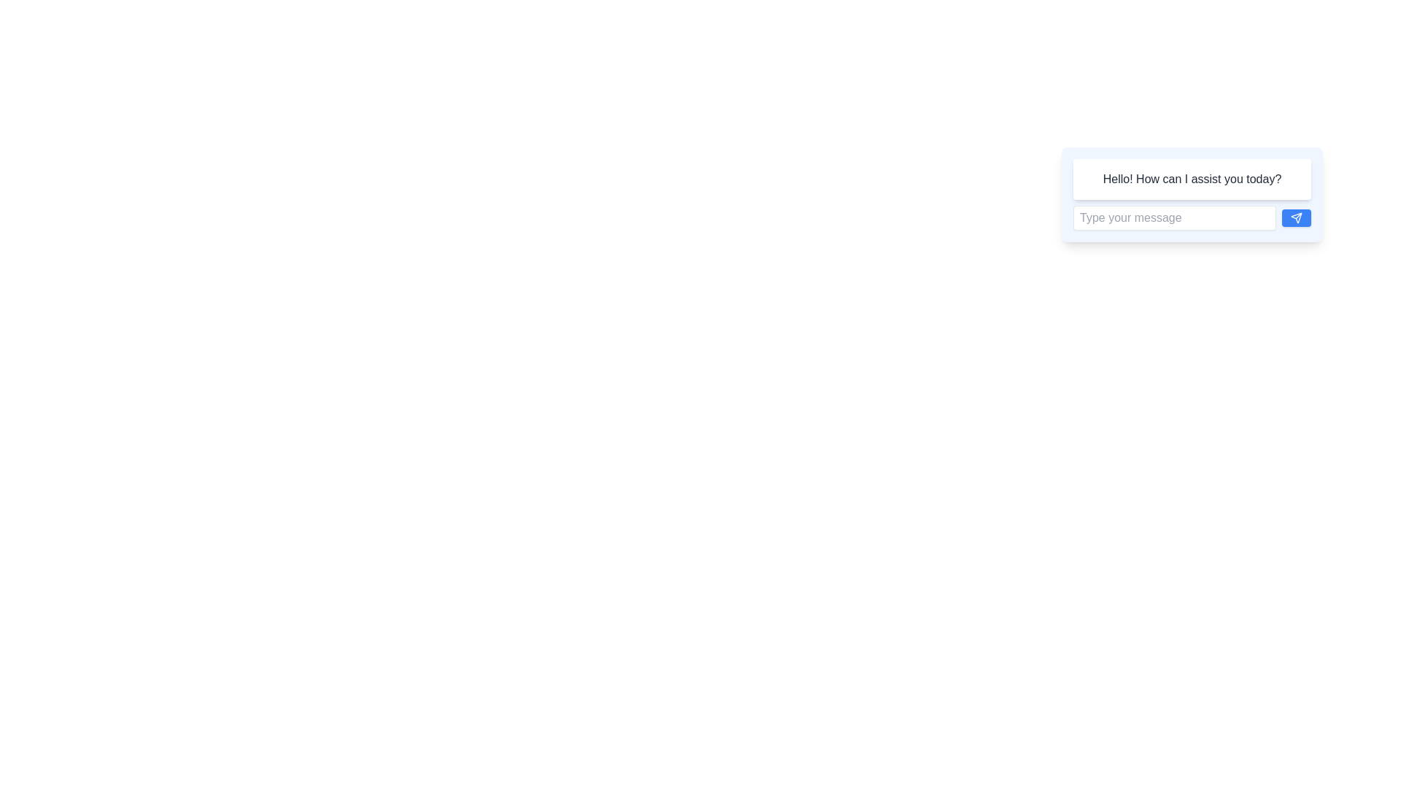  Describe the element at coordinates (1296, 218) in the screenshot. I see `the send icon, which resembles an arrow or paper airplane with a blue background and white stroke` at that location.